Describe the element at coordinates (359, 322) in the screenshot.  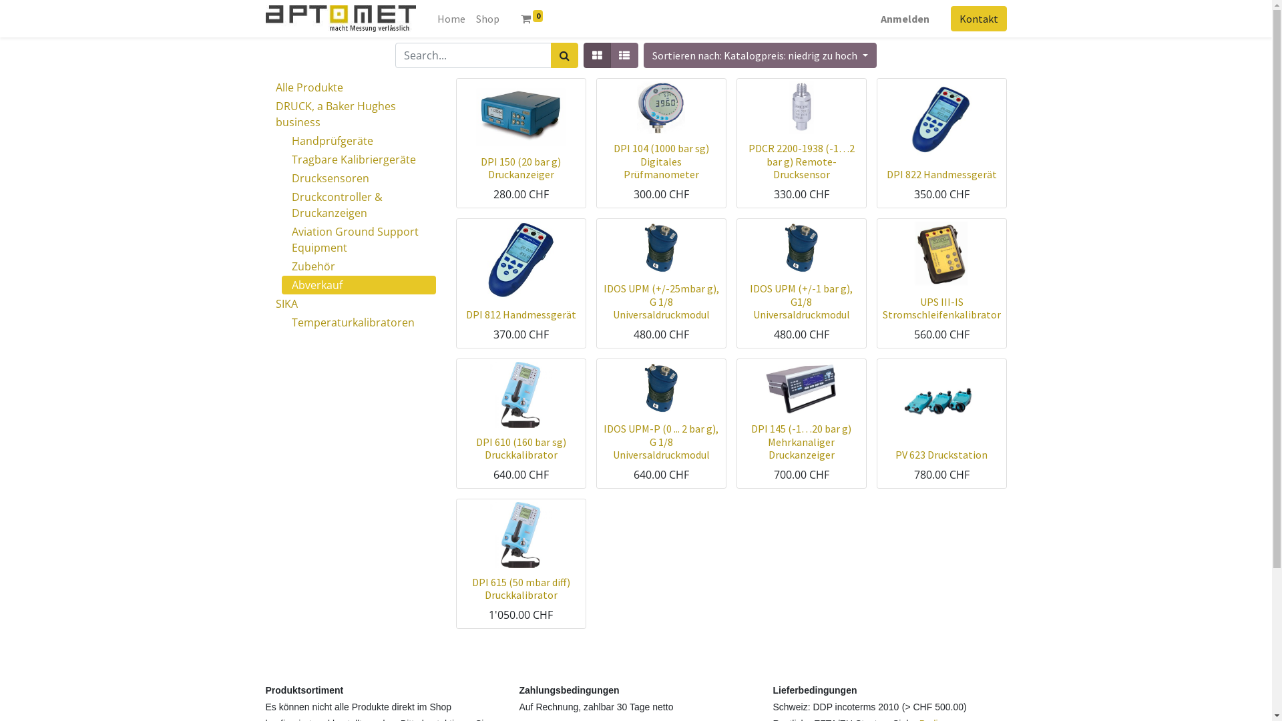
I see `'Temperaturkalibratoren'` at that location.